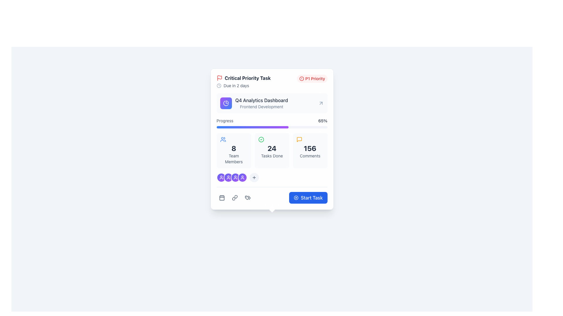 Image resolution: width=563 pixels, height=316 pixels. Describe the element at coordinates (221, 197) in the screenshot. I see `the third rectangular shape with rounded corners within the calendar icon` at that location.